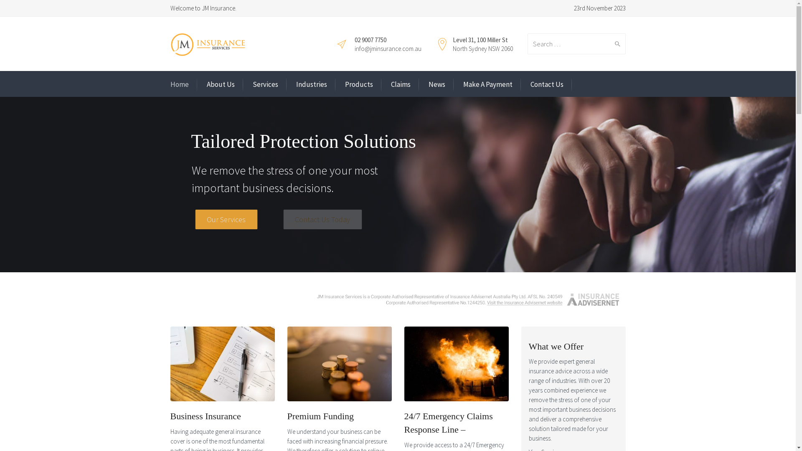 This screenshot has width=802, height=451. What do you see at coordinates (547, 84) in the screenshot?
I see `'Contact Us'` at bounding box center [547, 84].